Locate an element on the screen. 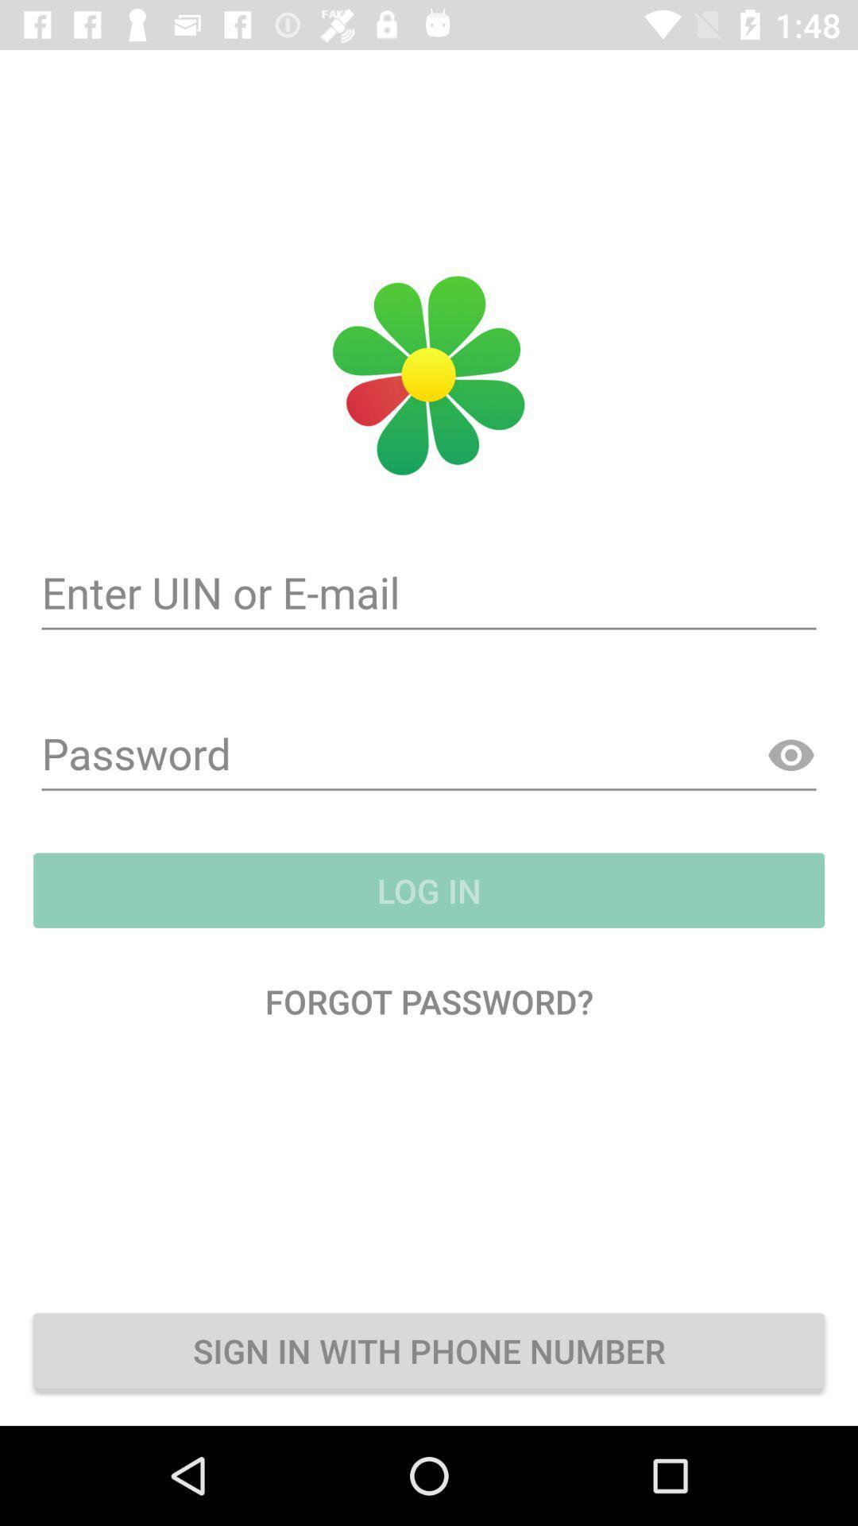  item below log in icon is located at coordinates (429, 1000).